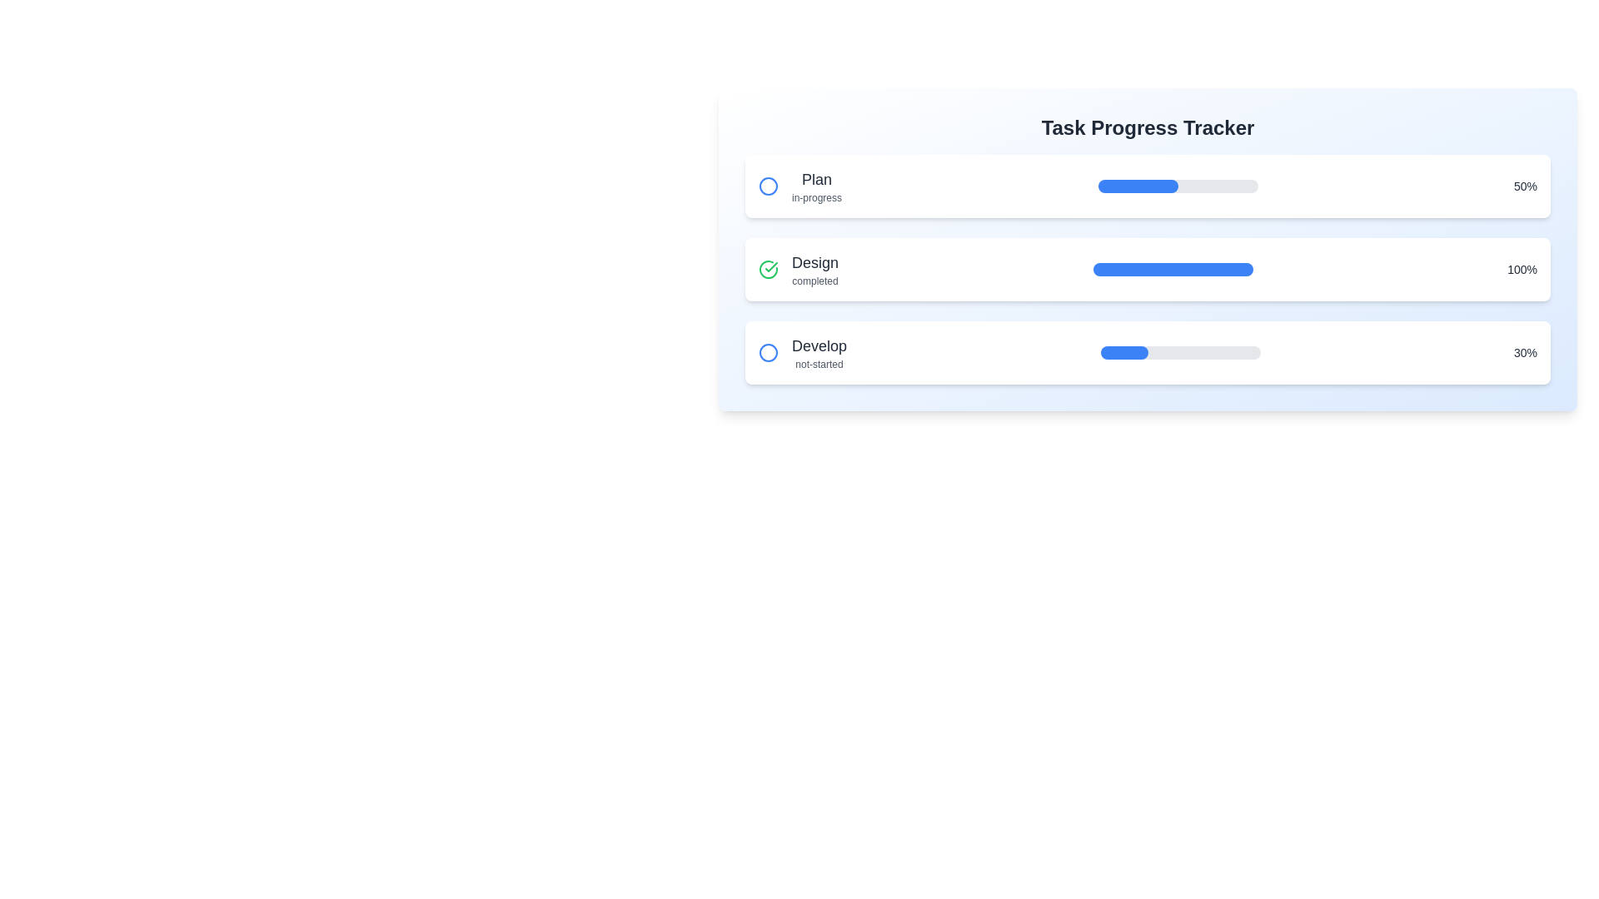 Image resolution: width=1599 pixels, height=899 pixels. Describe the element at coordinates (803, 352) in the screenshot. I see `the task name 'Develop' which is displayed in bold on the leftmost side of its card, to interact with it` at that location.